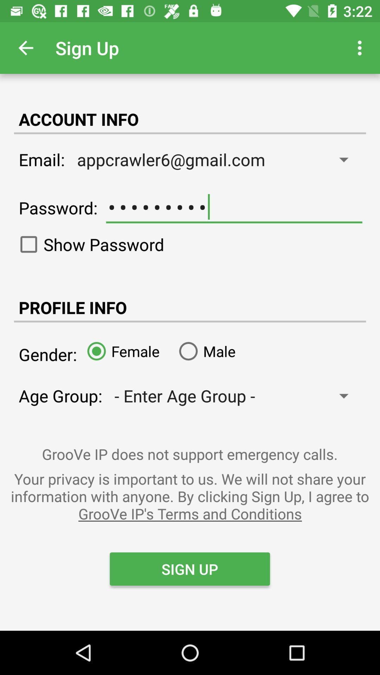  What do you see at coordinates (120, 351) in the screenshot?
I see `the item next to male item` at bounding box center [120, 351].